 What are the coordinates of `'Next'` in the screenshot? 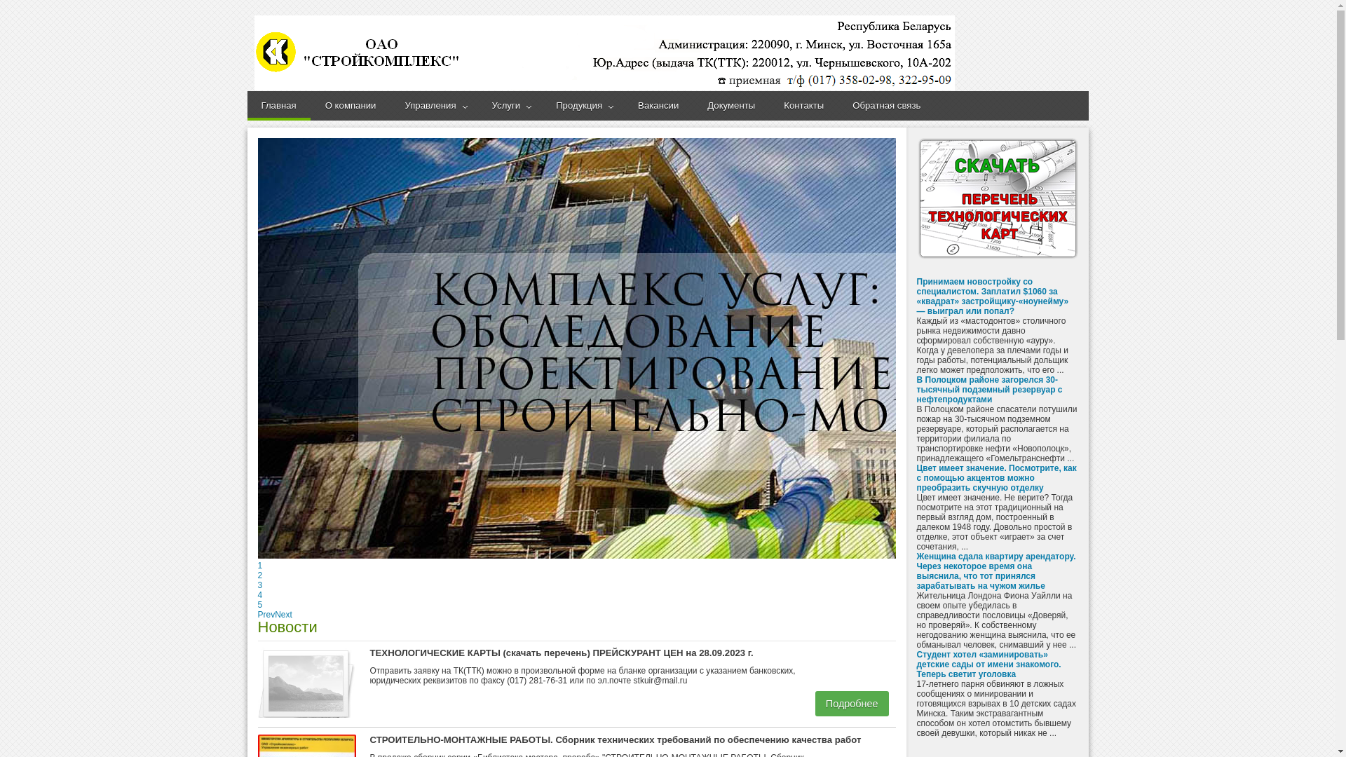 It's located at (283, 613).